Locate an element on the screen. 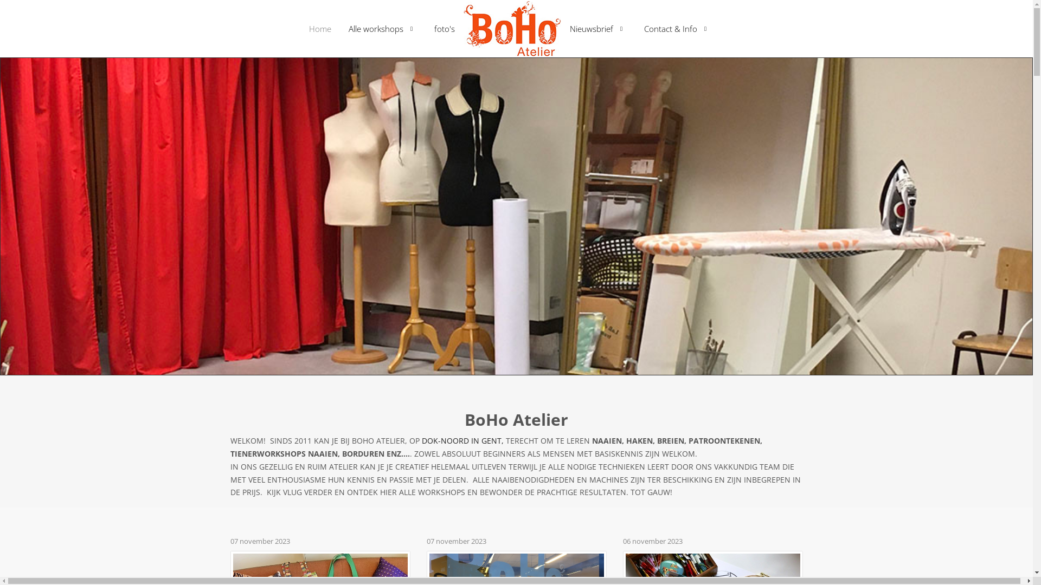 Image resolution: width=1041 pixels, height=585 pixels. 'DOK-NOORD IN GENT,' is located at coordinates (462, 440).